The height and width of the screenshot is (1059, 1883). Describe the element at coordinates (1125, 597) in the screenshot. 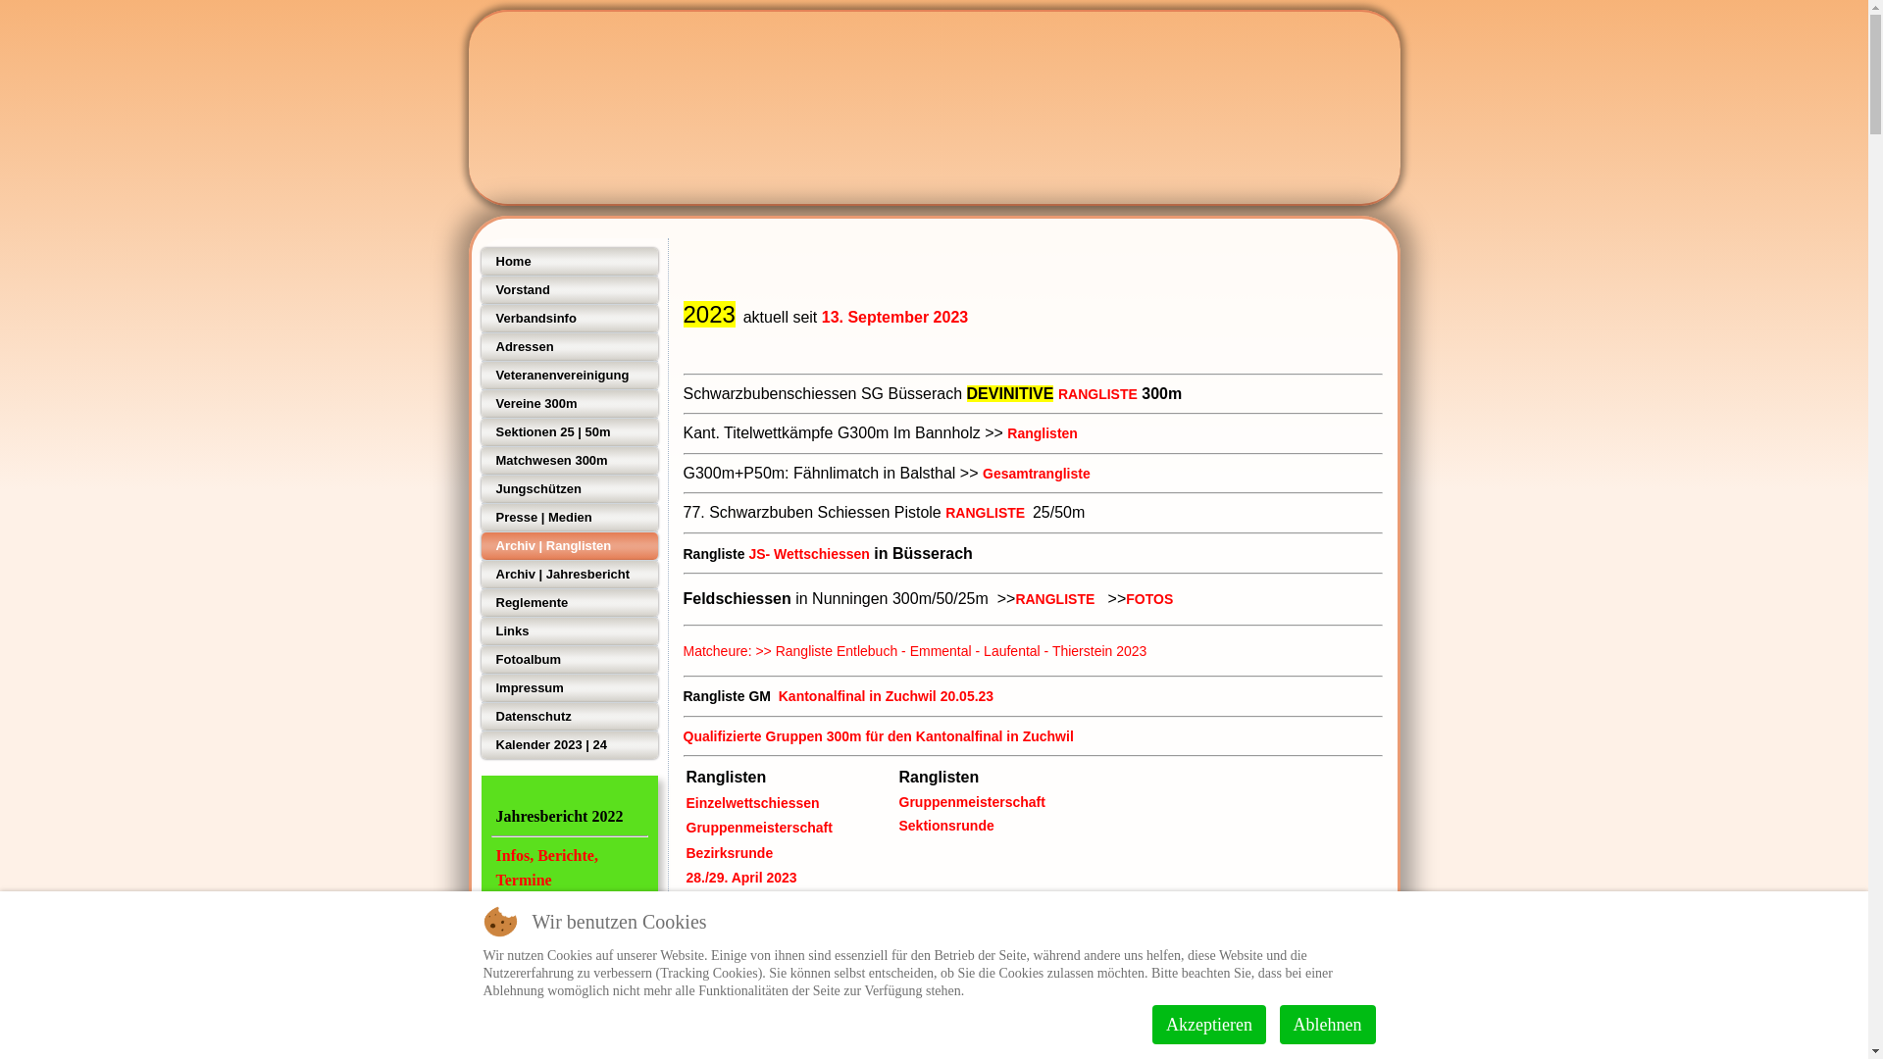

I see `'FOTOS'` at that location.